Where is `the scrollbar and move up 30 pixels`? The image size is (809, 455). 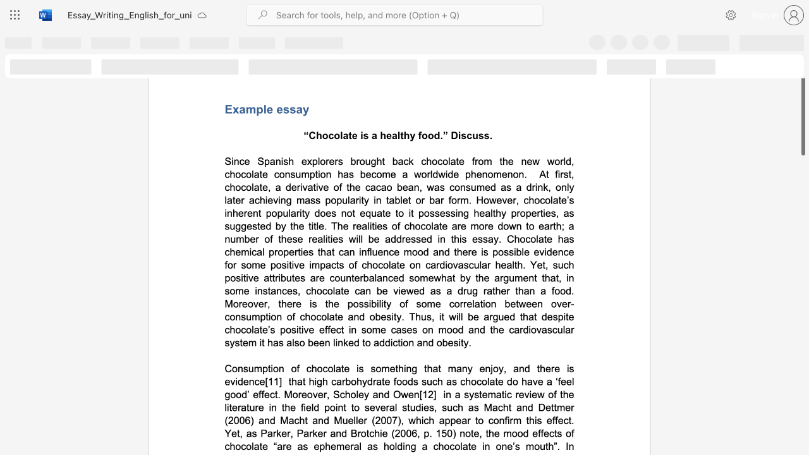
the scrollbar and move up 30 pixels is located at coordinates (802, 97).